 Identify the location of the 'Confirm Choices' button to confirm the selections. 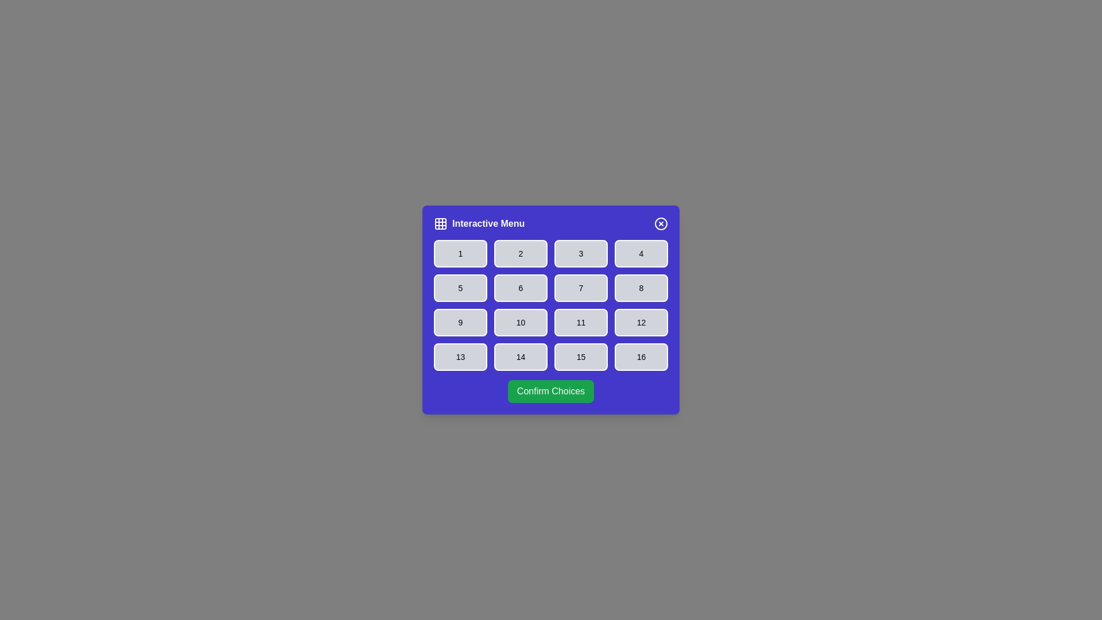
(551, 391).